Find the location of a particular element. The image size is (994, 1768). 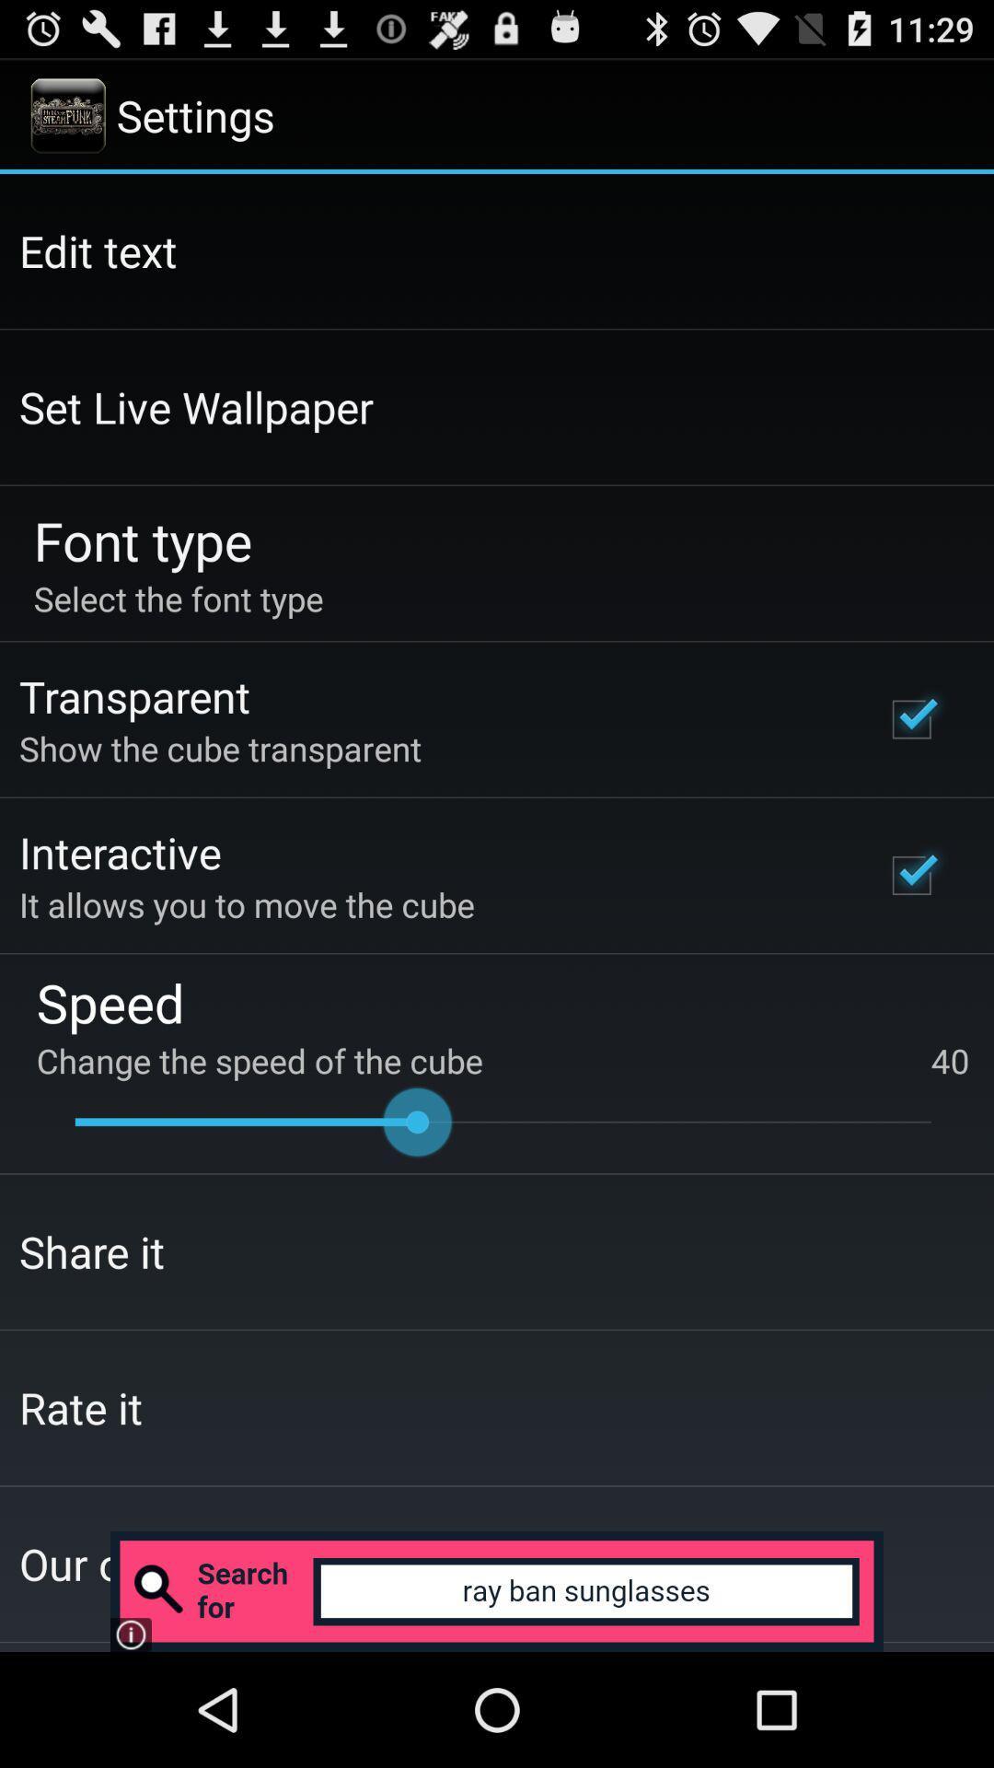

app below the edit text item is located at coordinates (196, 406).